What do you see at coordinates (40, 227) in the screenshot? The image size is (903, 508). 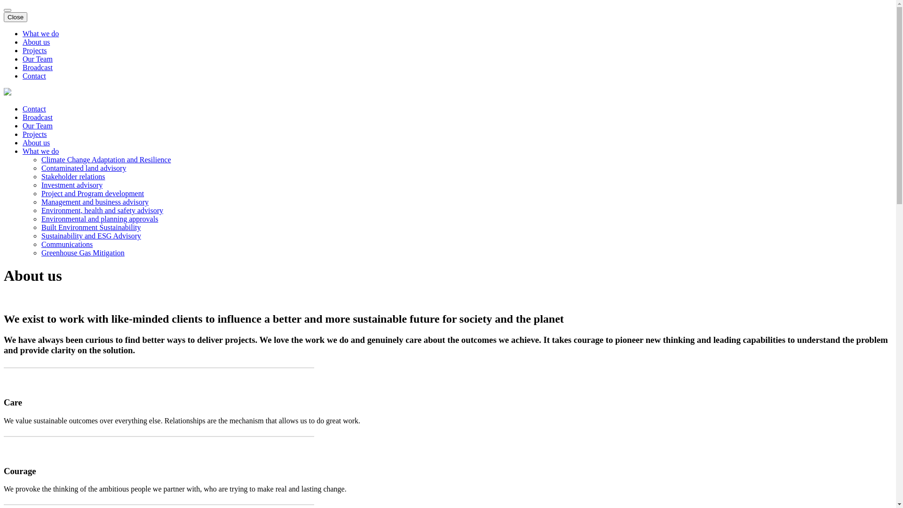 I see `'Built Environment Sustainability'` at bounding box center [40, 227].